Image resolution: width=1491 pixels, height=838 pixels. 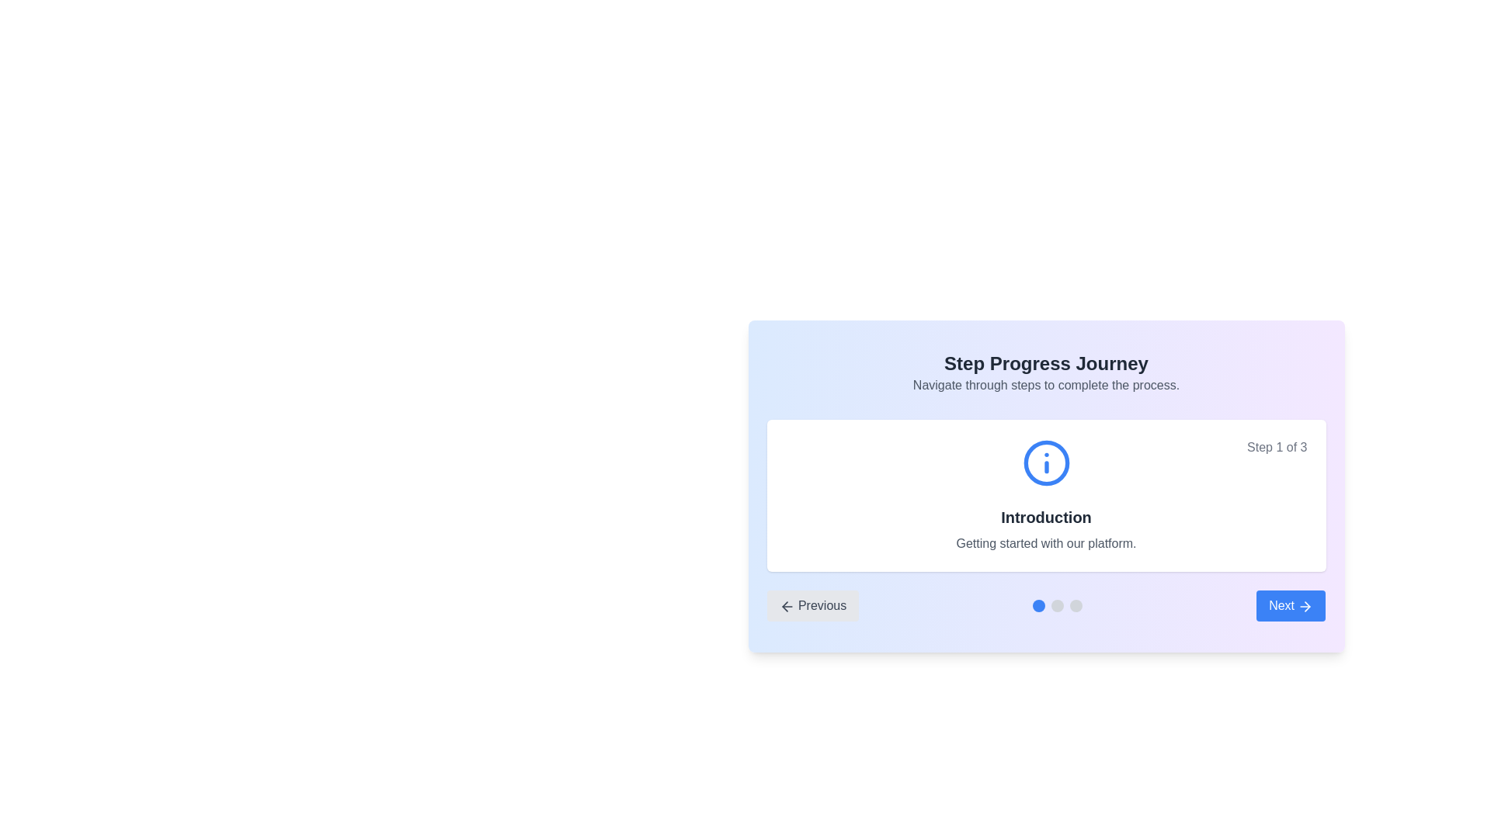 What do you see at coordinates (1046, 604) in the screenshot?
I see `the step indicators of the Navigation Bar located at the bottom of the 'Step Progress Journey' card` at bounding box center [1046, 604].